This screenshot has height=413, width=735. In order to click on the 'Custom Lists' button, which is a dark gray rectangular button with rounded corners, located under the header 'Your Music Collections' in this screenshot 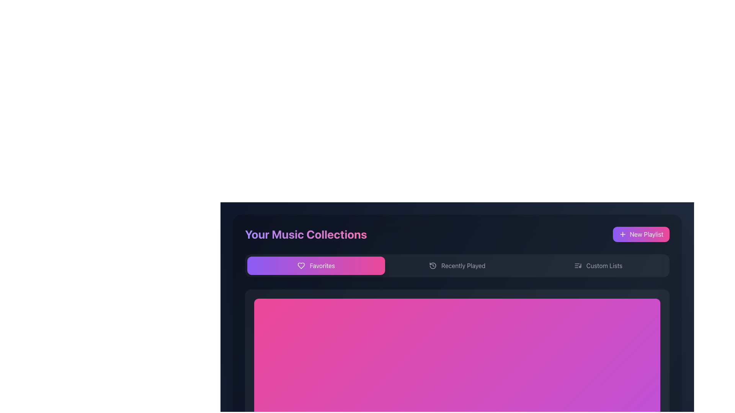, I will do `click(598, 265)`.